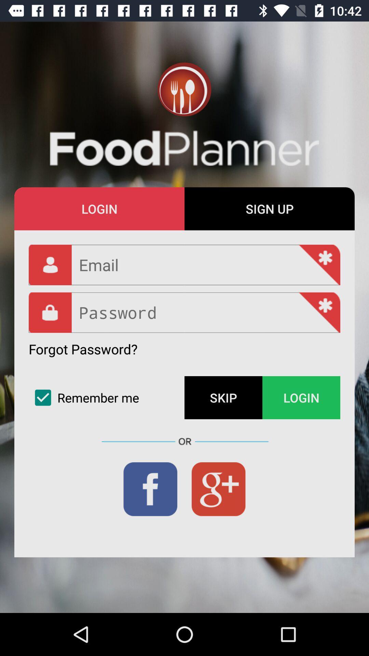 The width and height of the screenshot is (369, 656). I want to click on password, so click(184, 312).